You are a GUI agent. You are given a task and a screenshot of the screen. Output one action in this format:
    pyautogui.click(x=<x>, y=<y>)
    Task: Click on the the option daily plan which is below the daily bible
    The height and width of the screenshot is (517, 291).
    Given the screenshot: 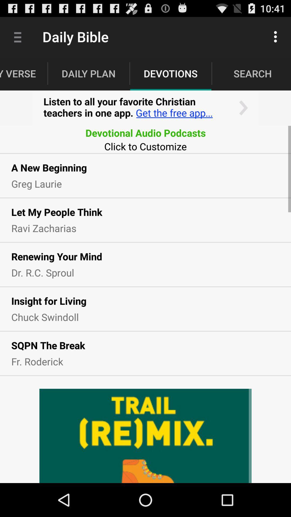 What is the action you would take?
    pyautogui.click(x=88, y=73)
    